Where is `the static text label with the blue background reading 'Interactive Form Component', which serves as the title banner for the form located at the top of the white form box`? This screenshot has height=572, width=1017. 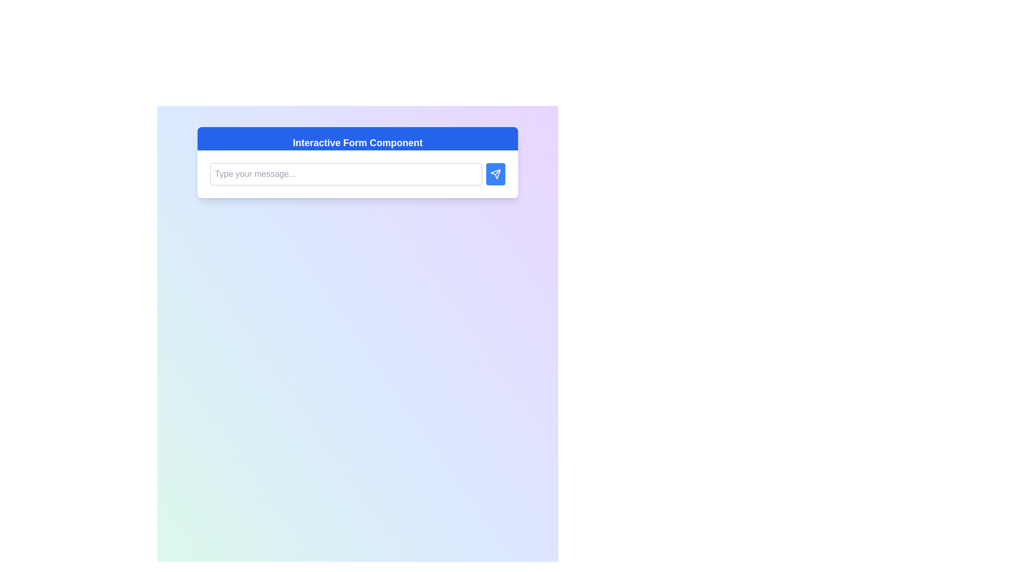
the static text label with the blue background reading 'Interactive Form Component', which serves as the title banner for the form located at the top of the white form box is located at coordinates (358, 138).